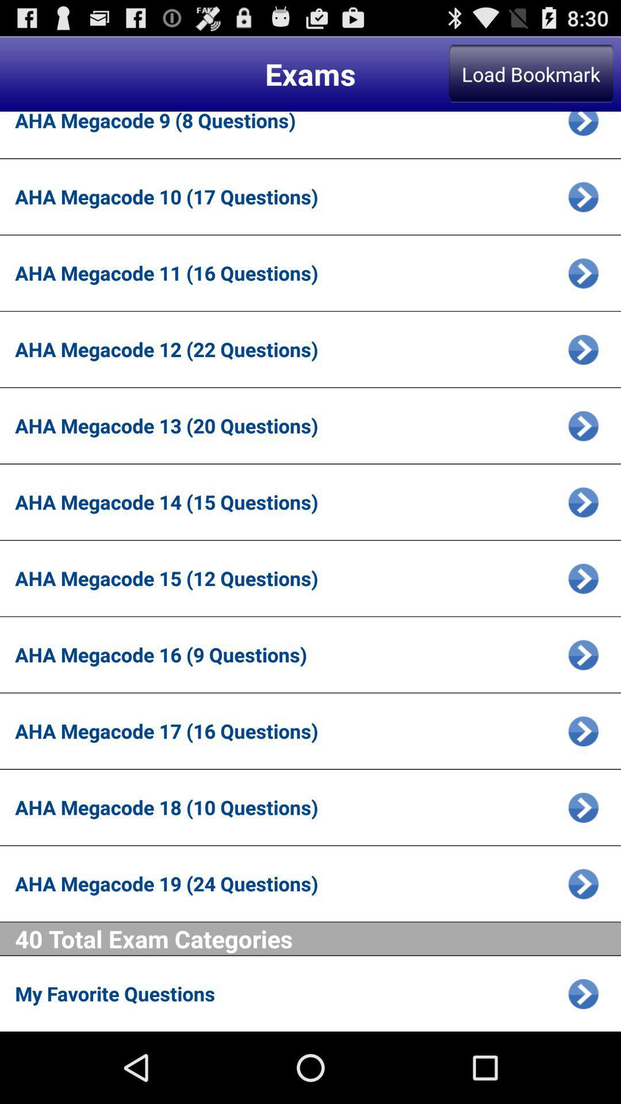  What do you see at coordinates (583, 807) in the screenshot?
I see `view` at bounding box center [583, 807].